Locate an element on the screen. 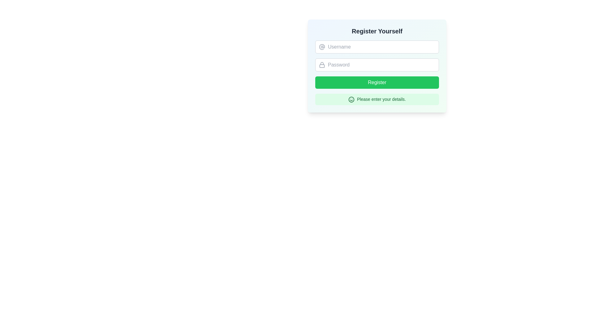 Image resolution: width=594 pixels, height=334 pixels. the lower rectangle of the lock icon, which is part of the graphical decoration within the SVG element, located near the left side of the password input field is located at coordinates (322, 66).